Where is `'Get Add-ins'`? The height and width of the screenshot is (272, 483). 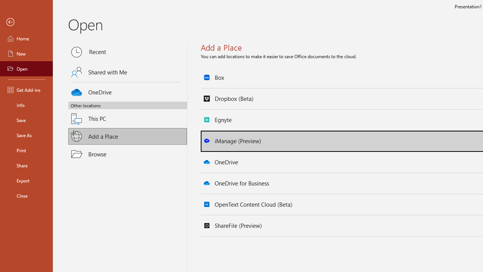 'Get Add-ins' is located at coordinates (26, 89).